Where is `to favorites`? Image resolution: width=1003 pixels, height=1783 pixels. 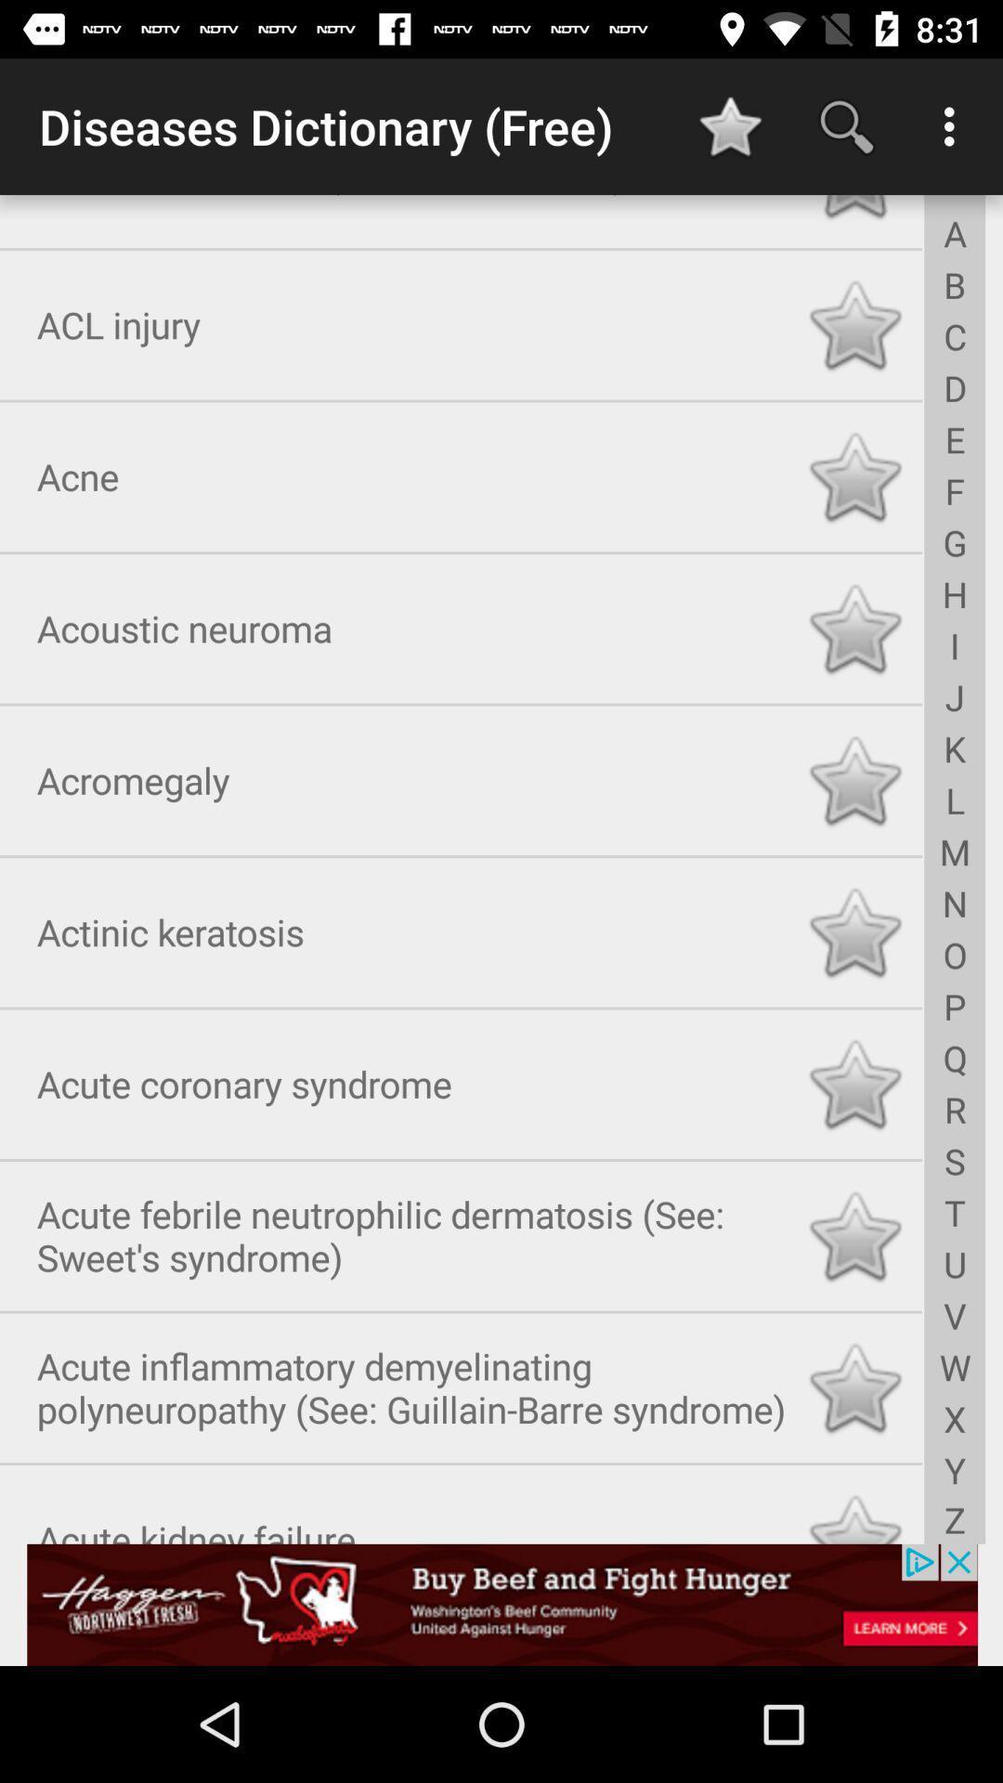 to favorites is located at coordinates (854, 1512).